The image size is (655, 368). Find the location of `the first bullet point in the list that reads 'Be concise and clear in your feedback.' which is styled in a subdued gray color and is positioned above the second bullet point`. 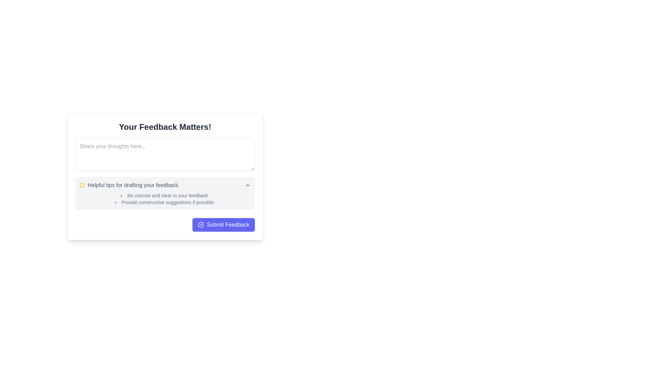

the first bullet point in the list that reads 'Be concise and clear in your feedback.' which is styled in a subdued gray color and is positioned above the second bullet point is located at coordinates (165, 196).